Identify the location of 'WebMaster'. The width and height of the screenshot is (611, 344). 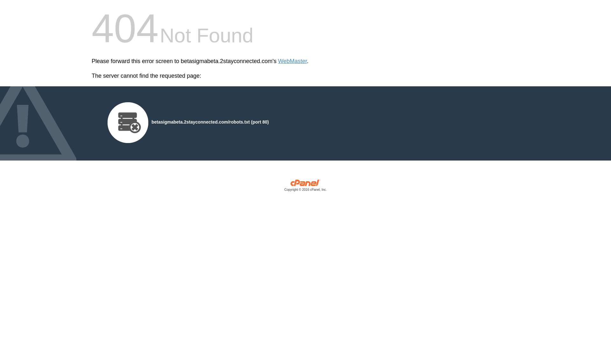
(292, 61).